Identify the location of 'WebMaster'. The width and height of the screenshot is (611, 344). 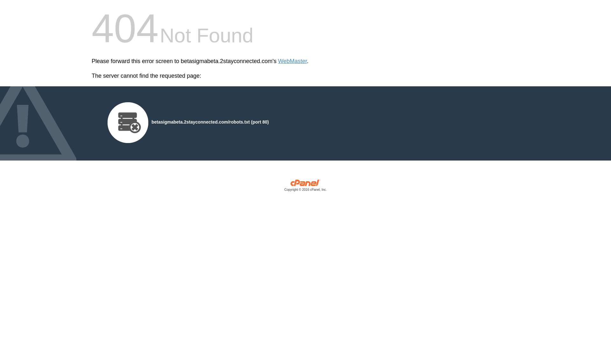
(292, 61).